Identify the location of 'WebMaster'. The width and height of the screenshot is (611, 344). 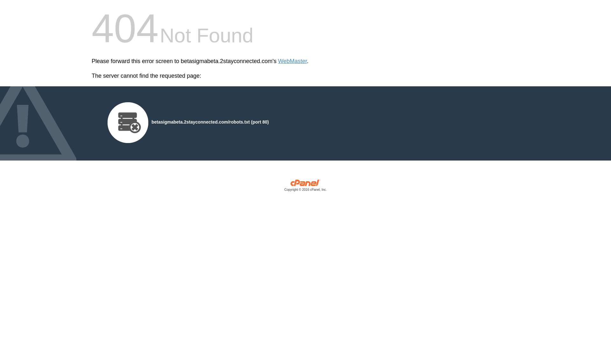
(292, 61).